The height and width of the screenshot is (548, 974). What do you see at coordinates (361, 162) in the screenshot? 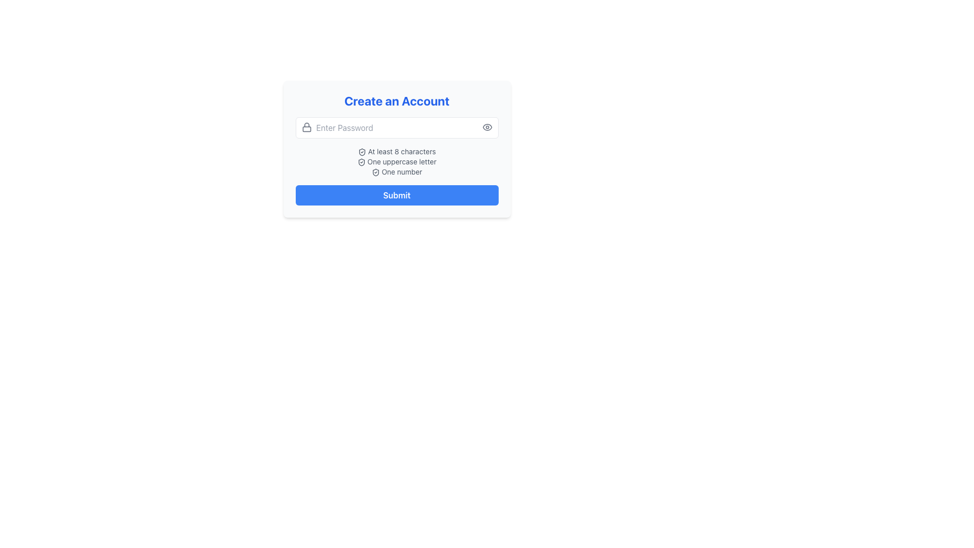
I see `the shield icon with a checkmark that indicates the requirement of 'One uppercase letter' in the password conditions list, which is the middle icon in the sequence` at bounding box center [361, 162].